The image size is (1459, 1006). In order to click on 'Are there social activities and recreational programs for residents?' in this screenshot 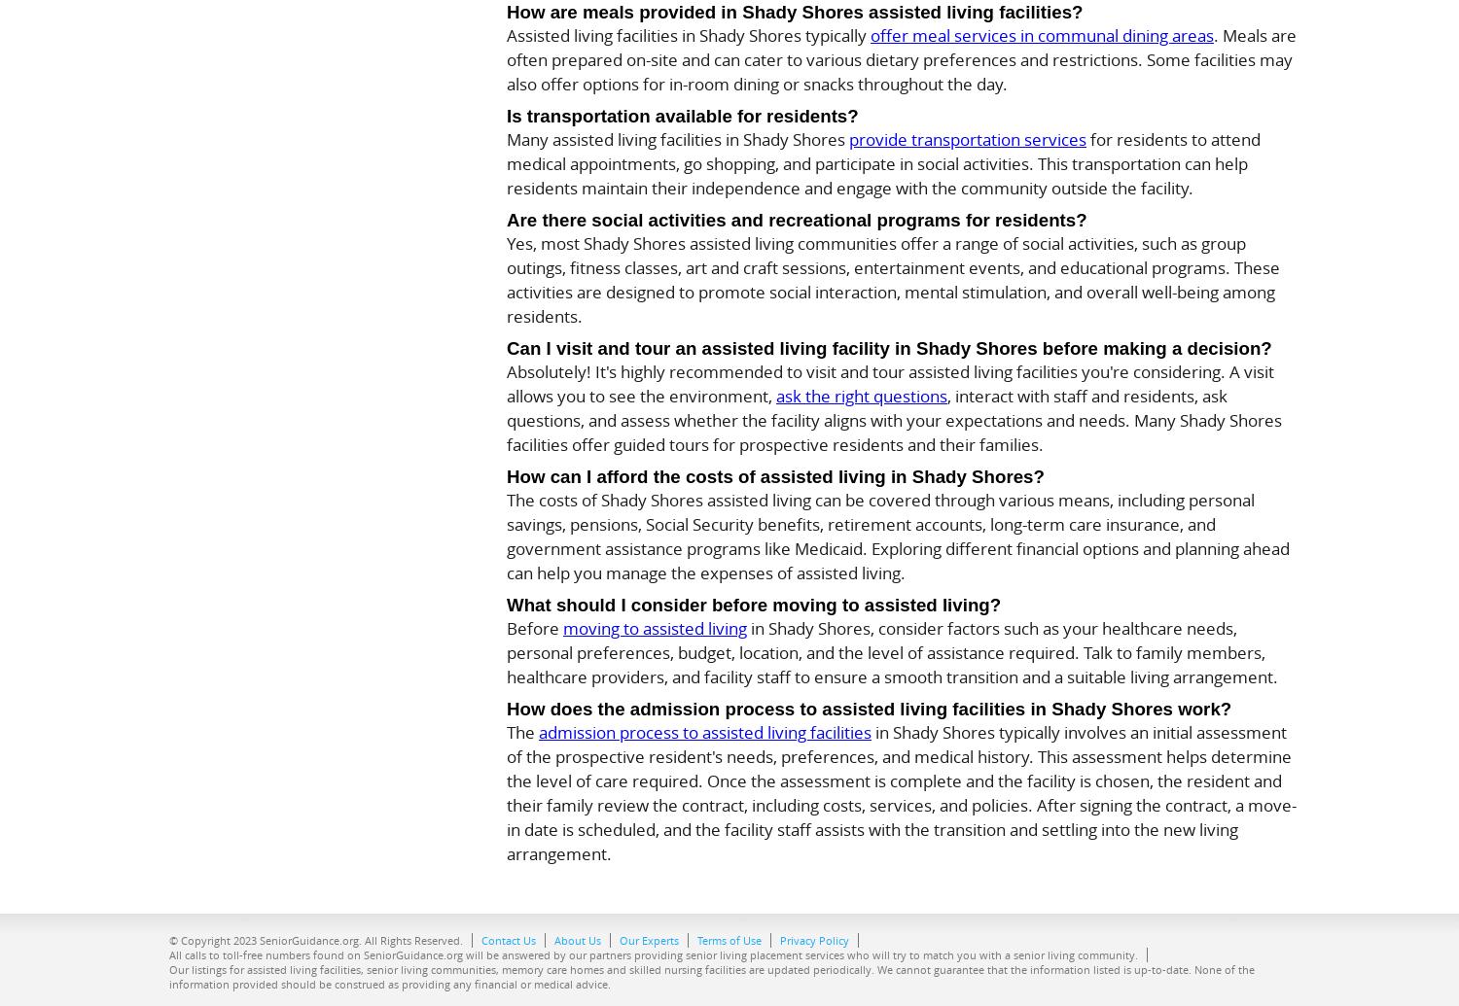, I will do `click(506, 220)`.